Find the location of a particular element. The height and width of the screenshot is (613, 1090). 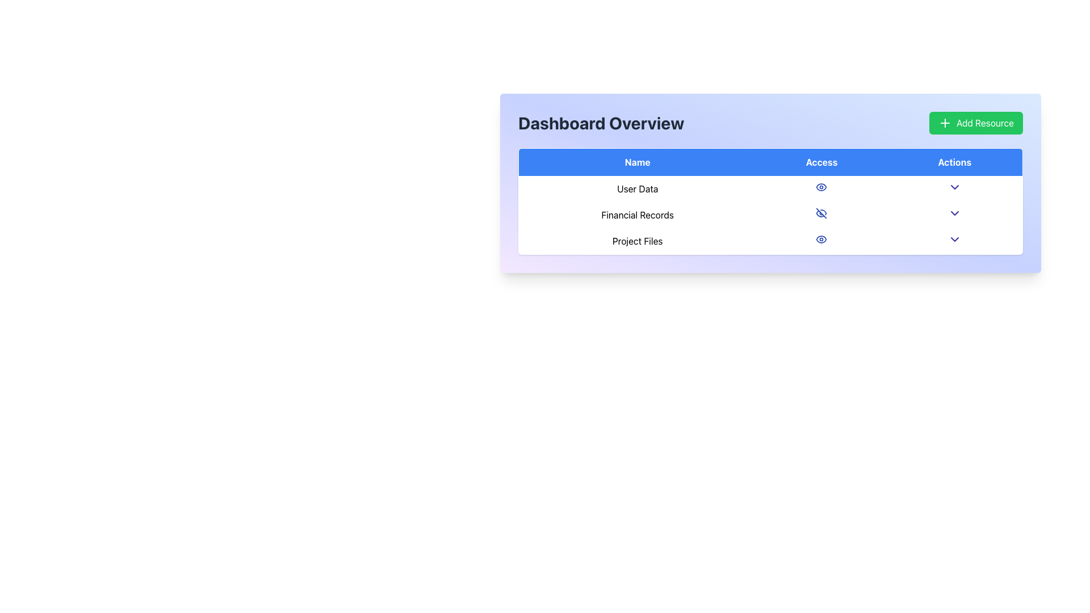

the Dropdown icon in the 'Actions' column of the second row for 'Financial Records' is located at coordinates (954, 213).